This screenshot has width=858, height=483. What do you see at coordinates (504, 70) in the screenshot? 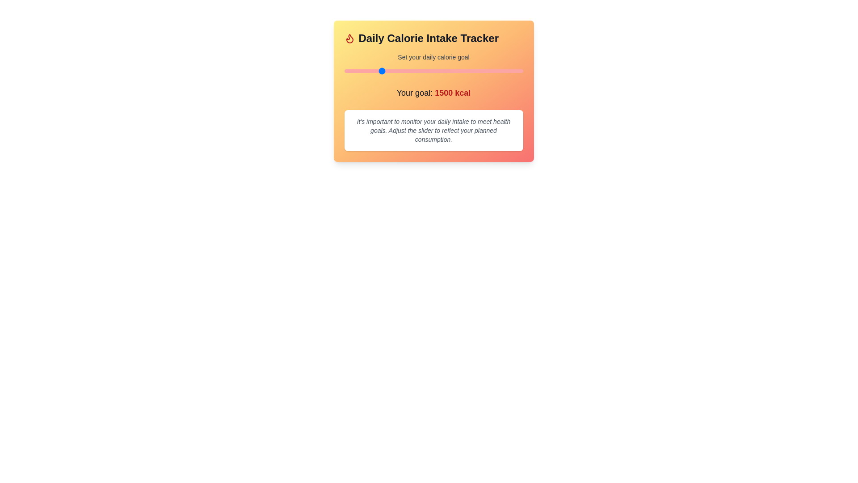
I see `the calorie goal slider to a value of 3234` at bounding box center [504, 70].